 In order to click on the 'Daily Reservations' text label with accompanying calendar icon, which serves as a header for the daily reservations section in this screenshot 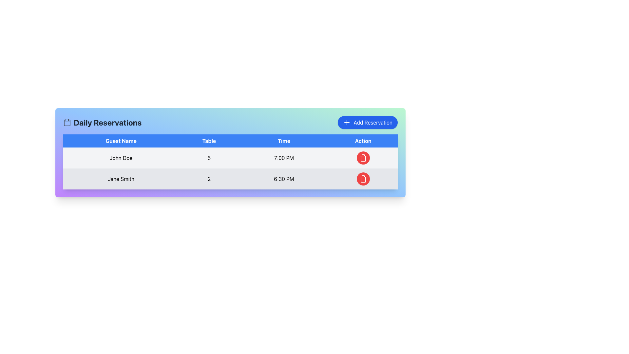, I will do `click(102, 123)`.